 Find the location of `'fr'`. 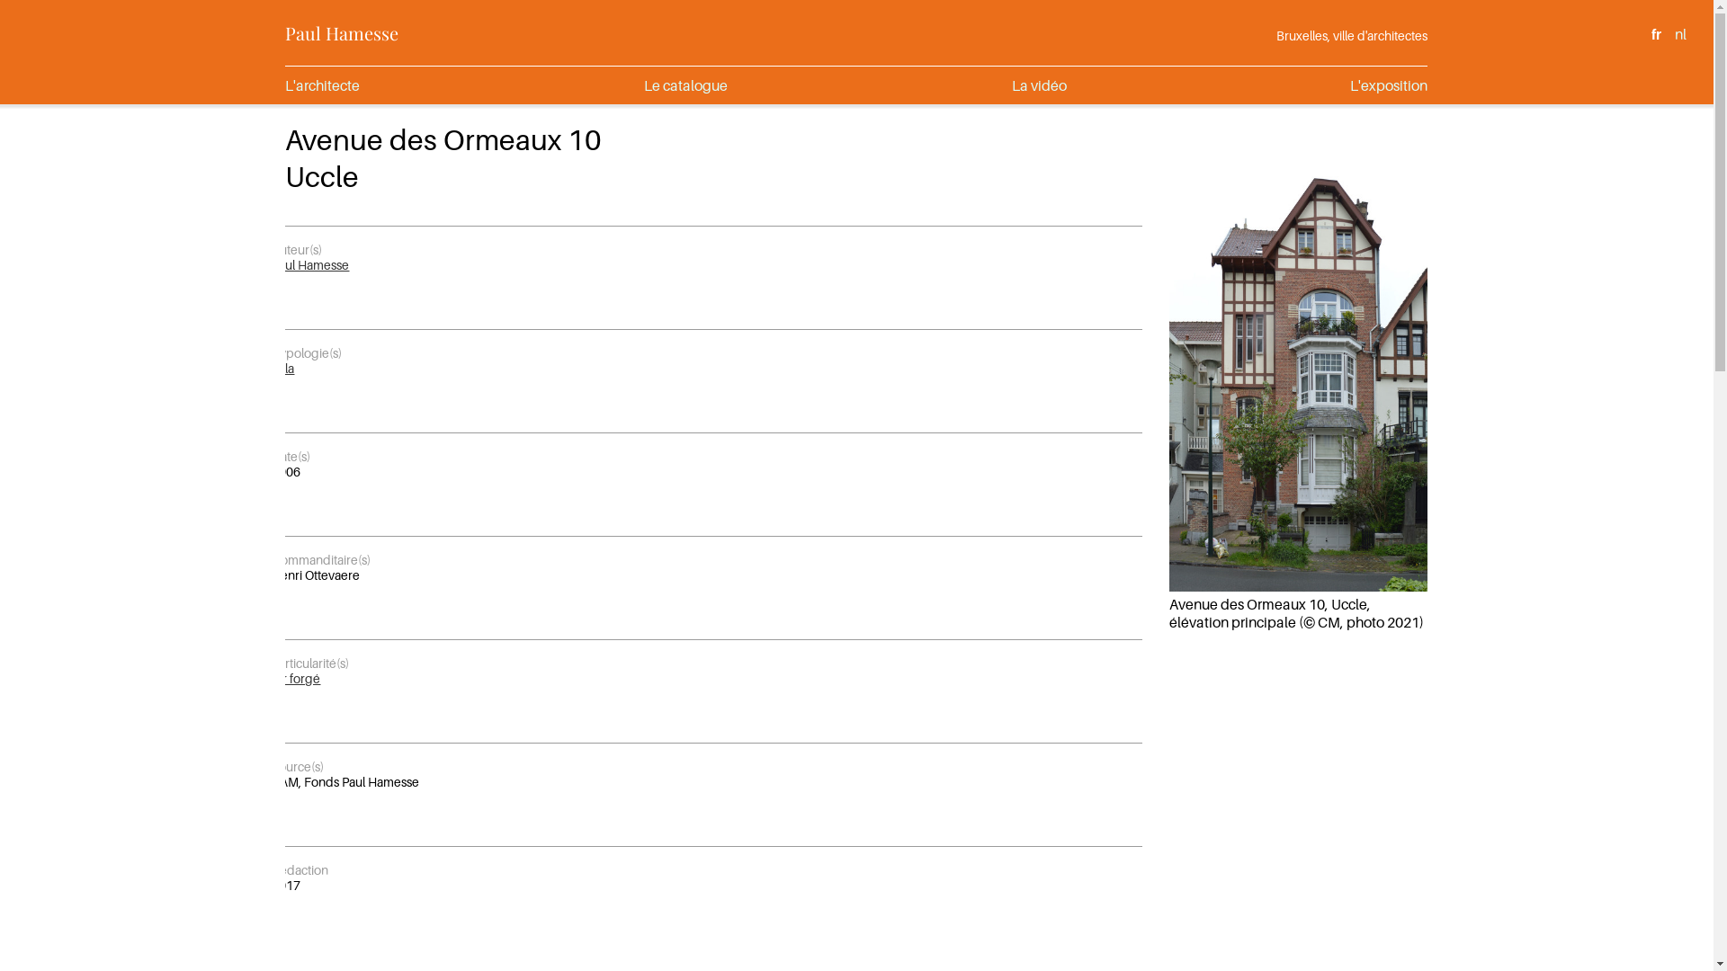

'fr' is located at coordinates (1655, 34).